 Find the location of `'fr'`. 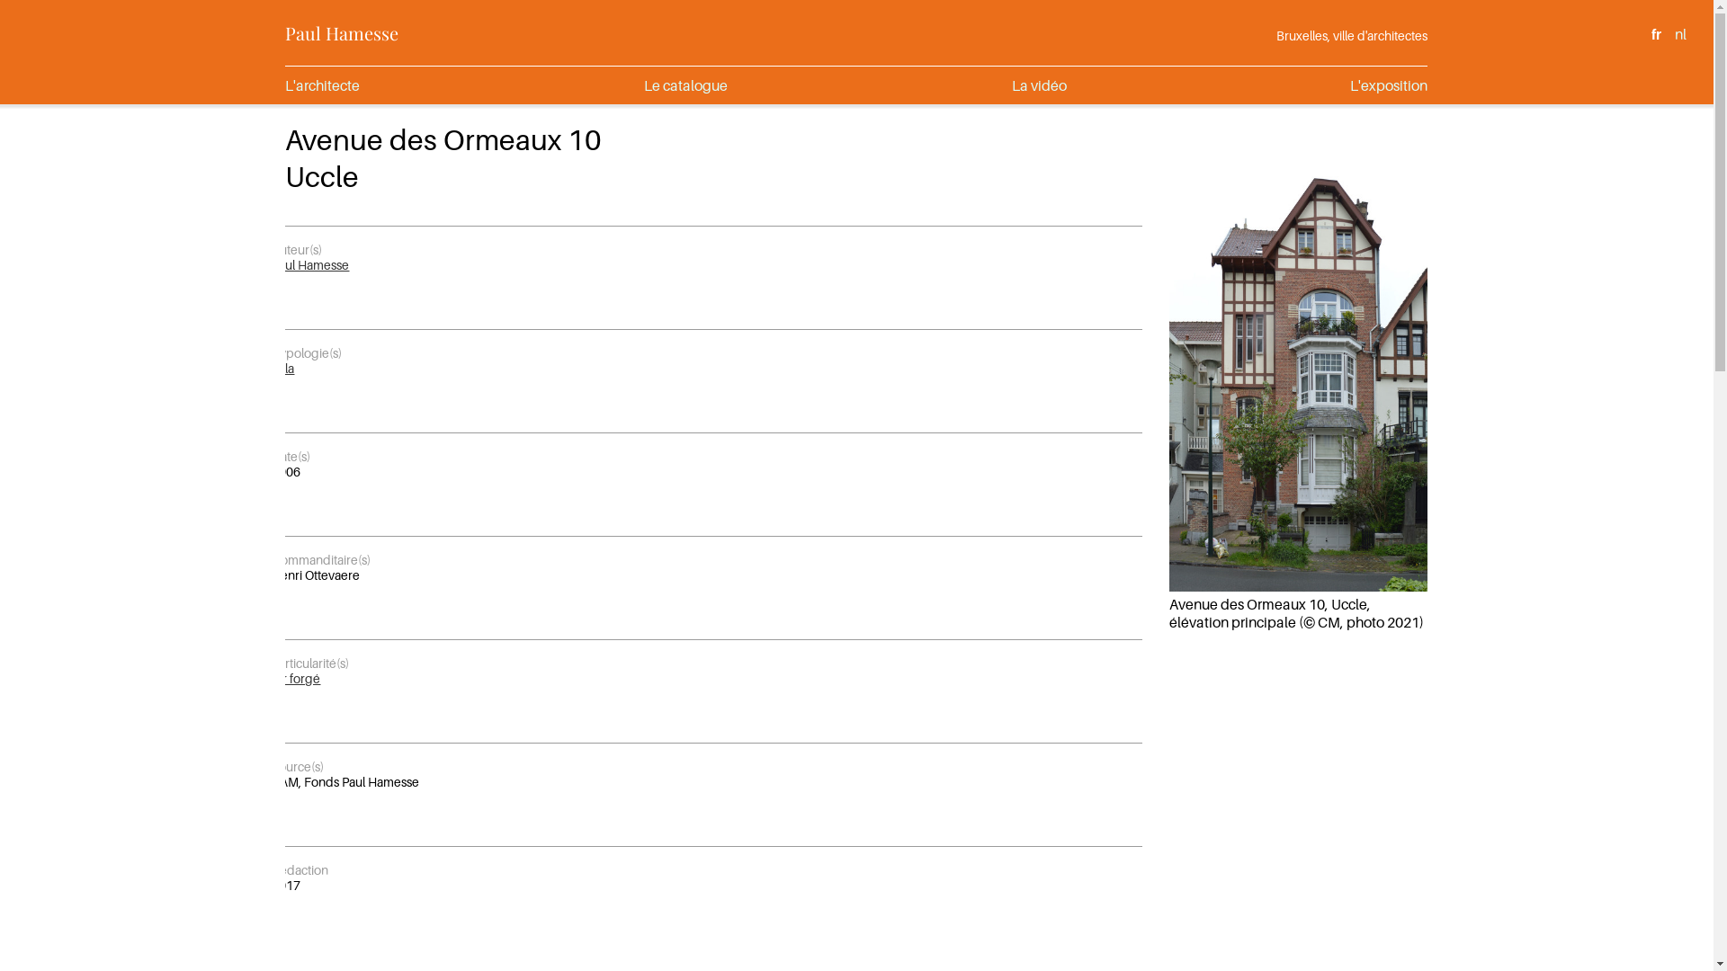

'fr' is located at coordinates (1655, 34).